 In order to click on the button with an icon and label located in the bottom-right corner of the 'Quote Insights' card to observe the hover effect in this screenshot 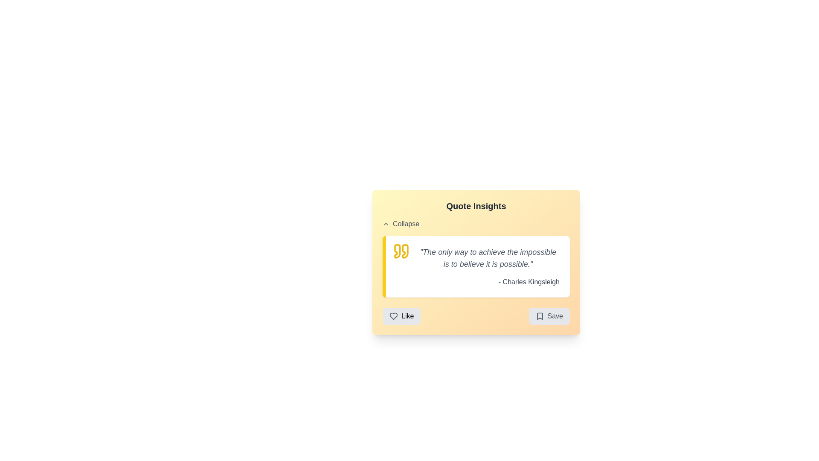, I will do `click(549, 316)`.